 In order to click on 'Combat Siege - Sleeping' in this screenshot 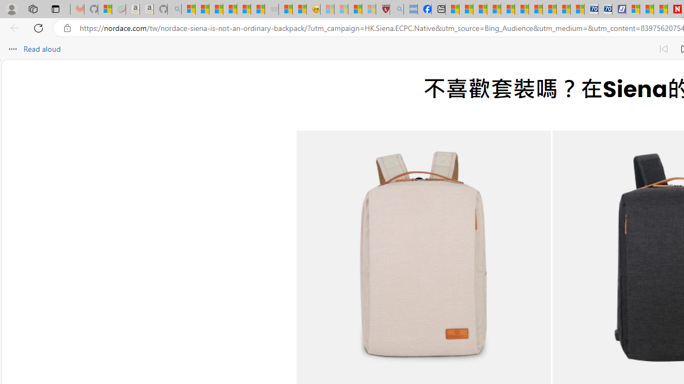, I will do `click(271, 9)`.